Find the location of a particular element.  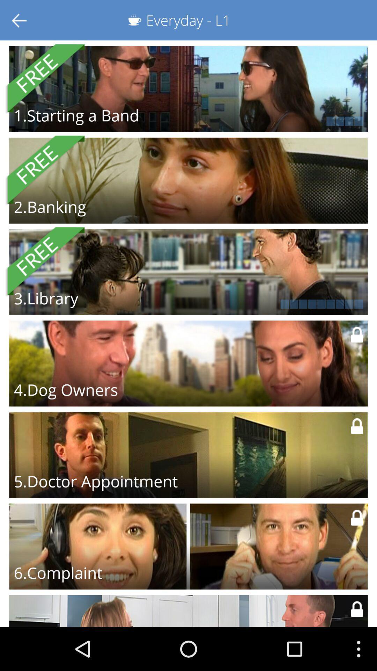

the icon next to 1 starting a icon is located at coordinates (280, 121).